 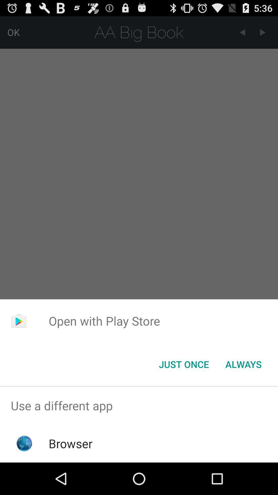 I want to click on the icon above the browser app, so click(x=139, y=405).